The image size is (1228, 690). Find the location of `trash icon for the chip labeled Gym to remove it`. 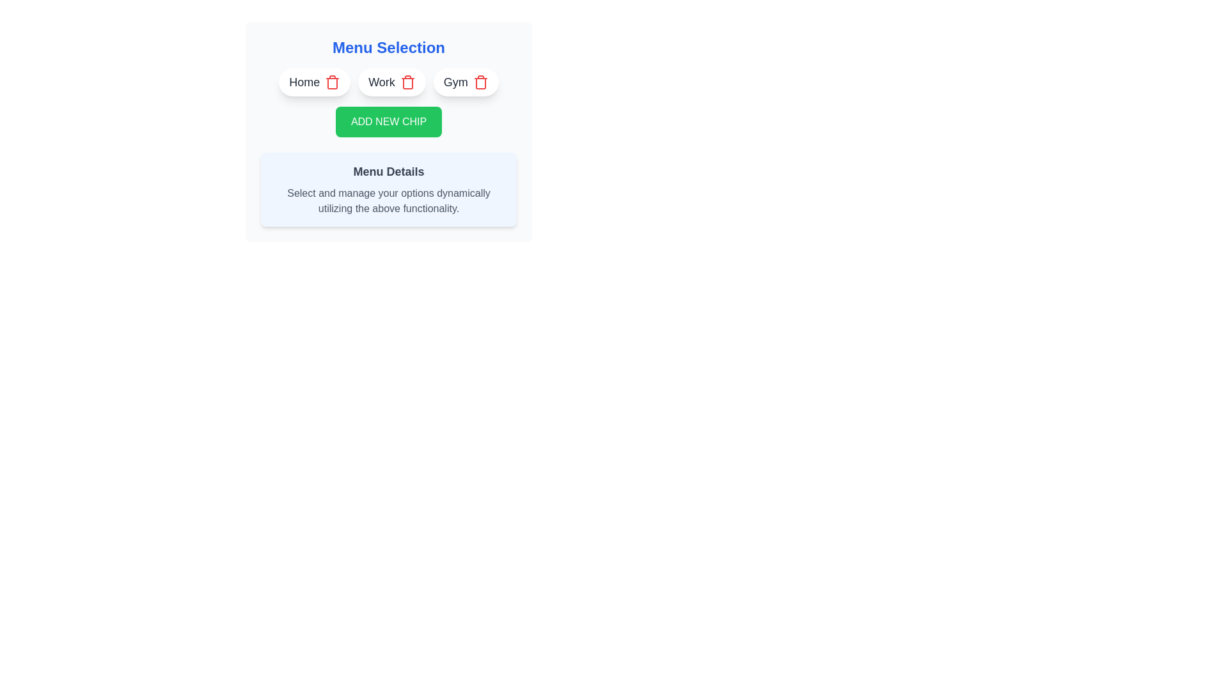

trash icon for the chip labeled Gym to remove it is located at coordinates (480, 82).